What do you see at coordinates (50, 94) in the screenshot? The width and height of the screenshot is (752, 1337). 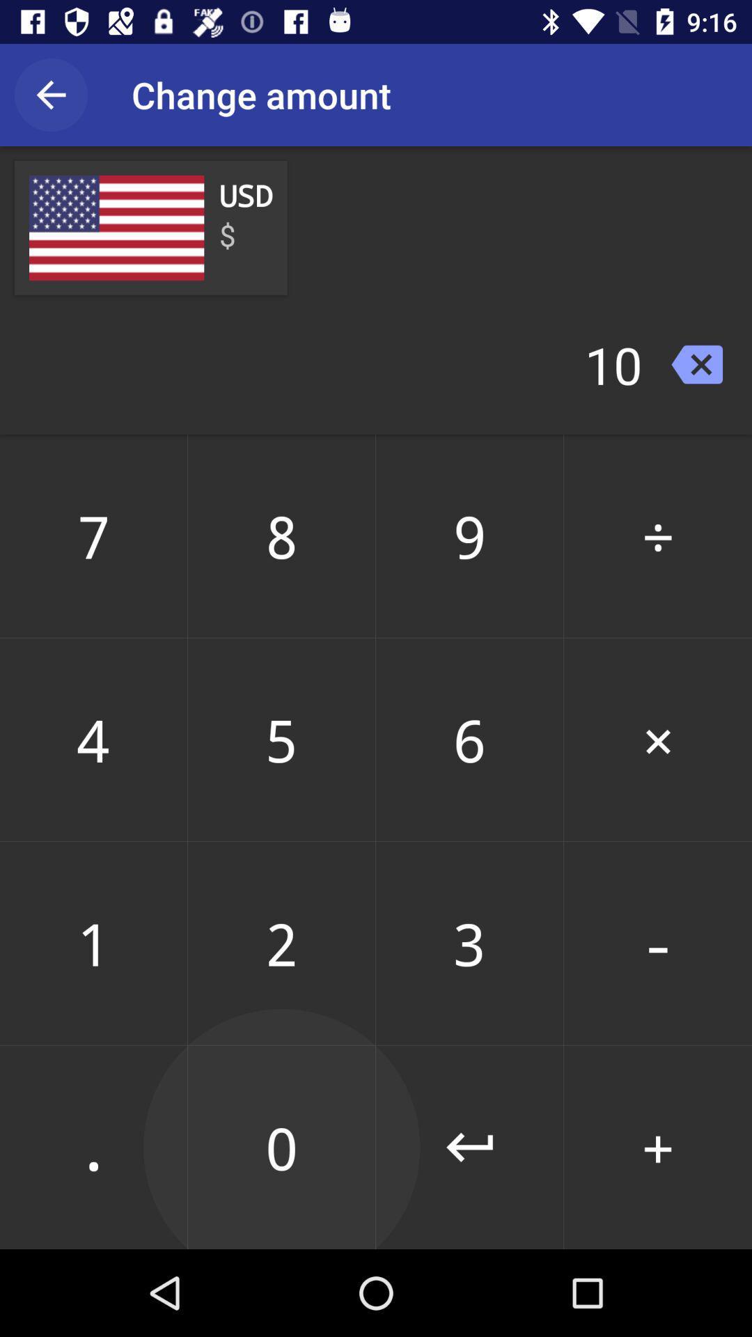 I see `the item to the left of the change amount` at bounding box center [50, 94].